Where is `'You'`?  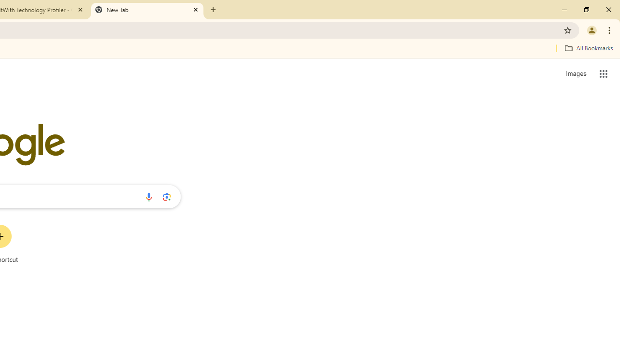
'You' is located at coordinates (591, 29).